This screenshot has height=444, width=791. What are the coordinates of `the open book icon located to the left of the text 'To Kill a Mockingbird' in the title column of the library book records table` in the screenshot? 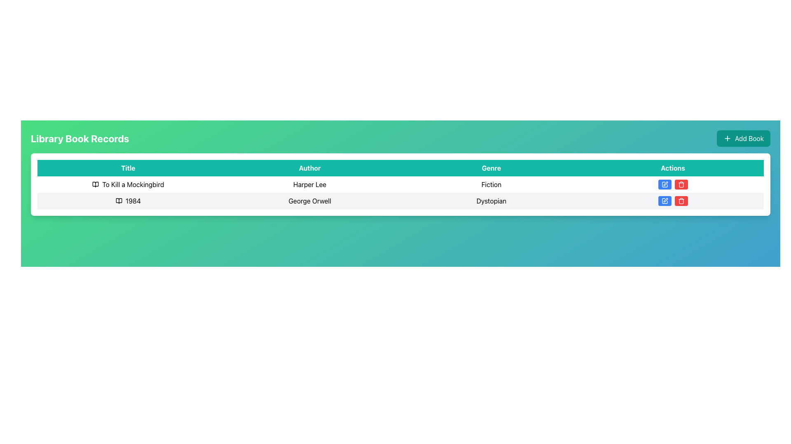 It's located at (96, 184).